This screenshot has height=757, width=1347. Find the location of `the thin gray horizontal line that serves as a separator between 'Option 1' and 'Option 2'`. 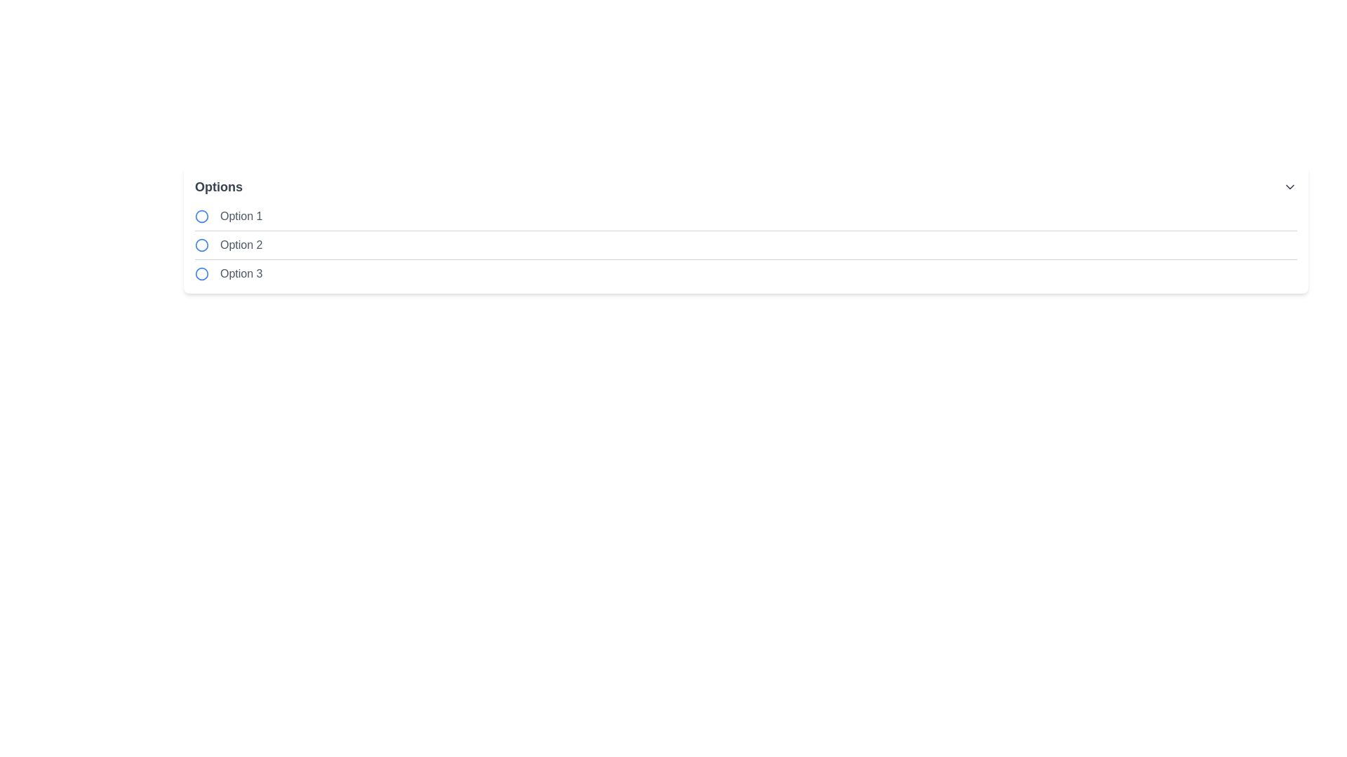

the thin gray horizontal line that serves as a separator between 'Option 1' and 'Option 2' is located at coordinates (745, 230).